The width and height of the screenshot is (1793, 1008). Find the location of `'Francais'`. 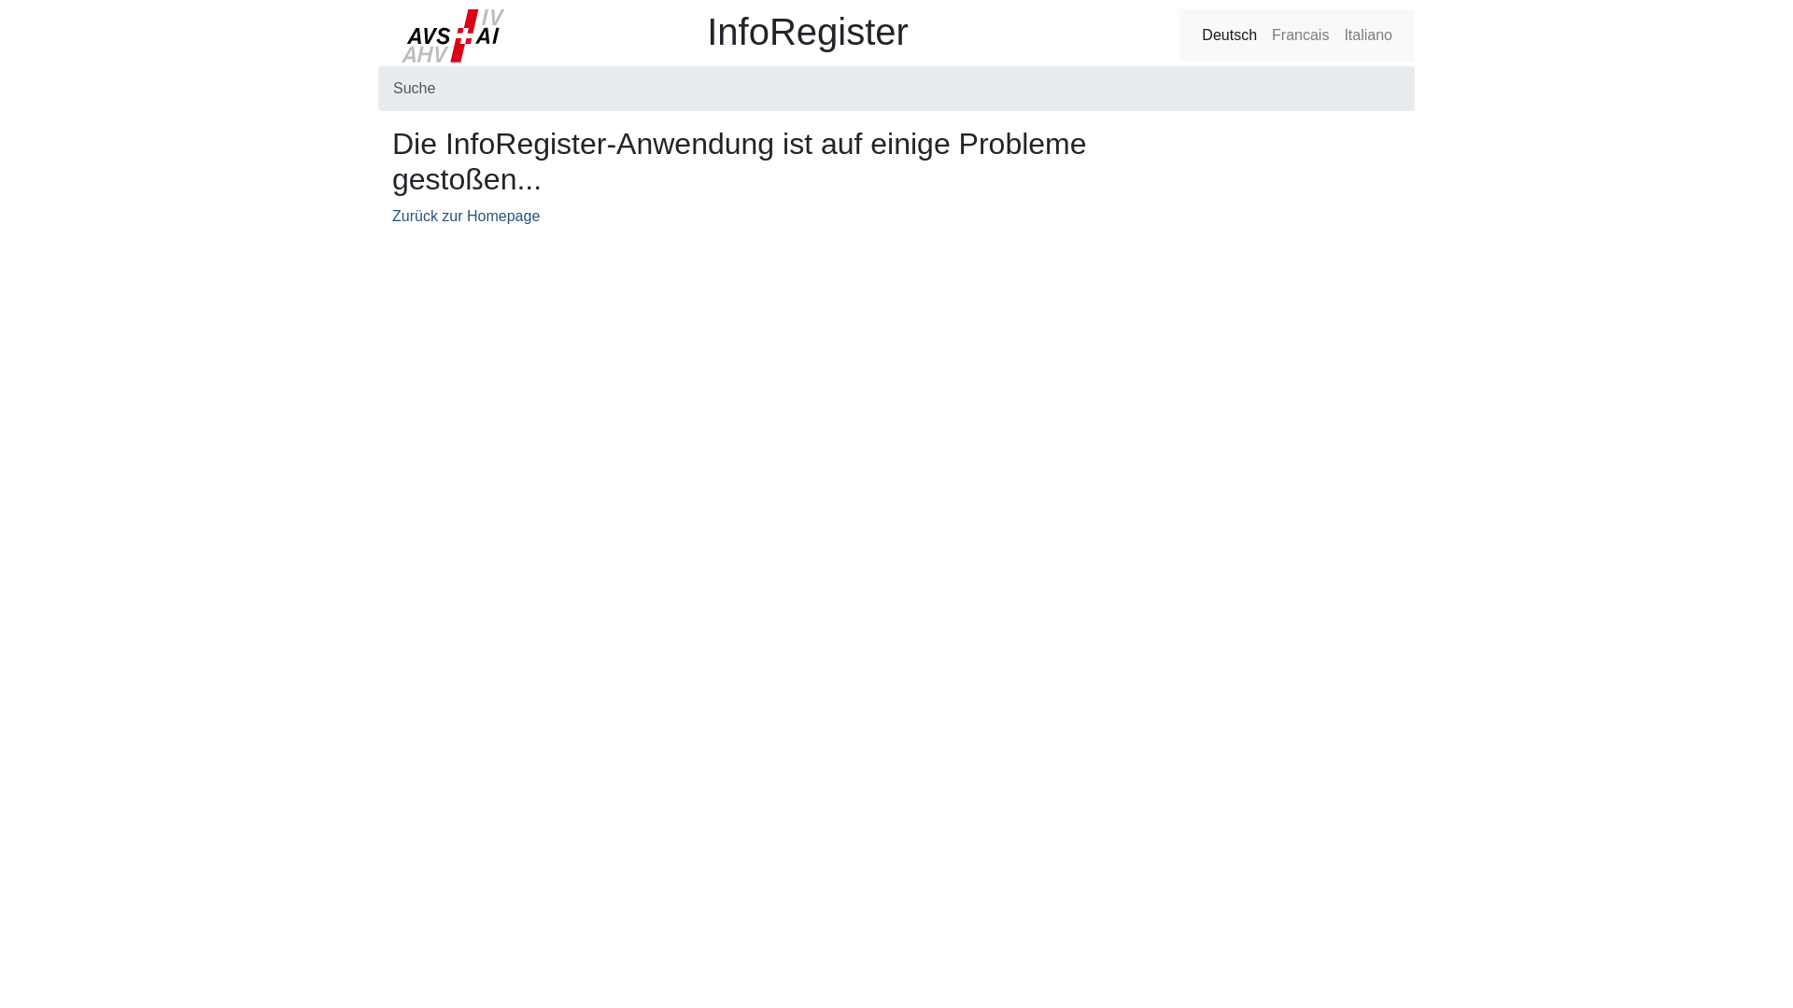

'Francais' is located at coordinates (1299, 35).